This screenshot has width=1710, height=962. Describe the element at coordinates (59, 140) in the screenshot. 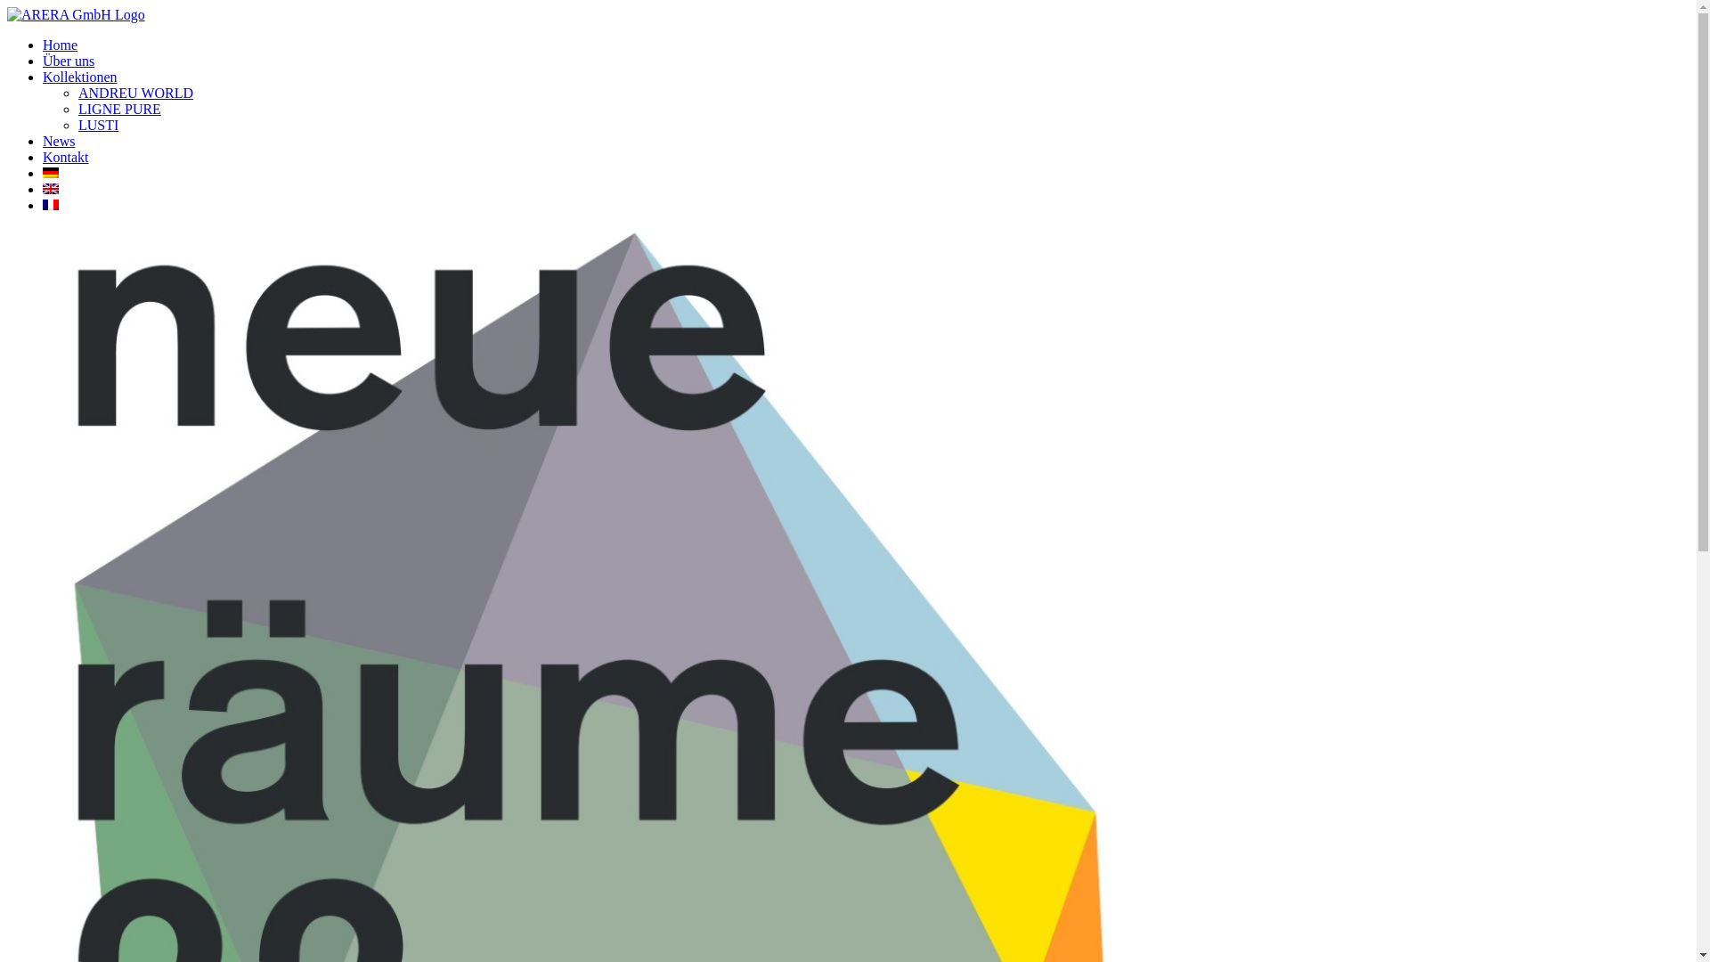

I see `'News'` at that location.